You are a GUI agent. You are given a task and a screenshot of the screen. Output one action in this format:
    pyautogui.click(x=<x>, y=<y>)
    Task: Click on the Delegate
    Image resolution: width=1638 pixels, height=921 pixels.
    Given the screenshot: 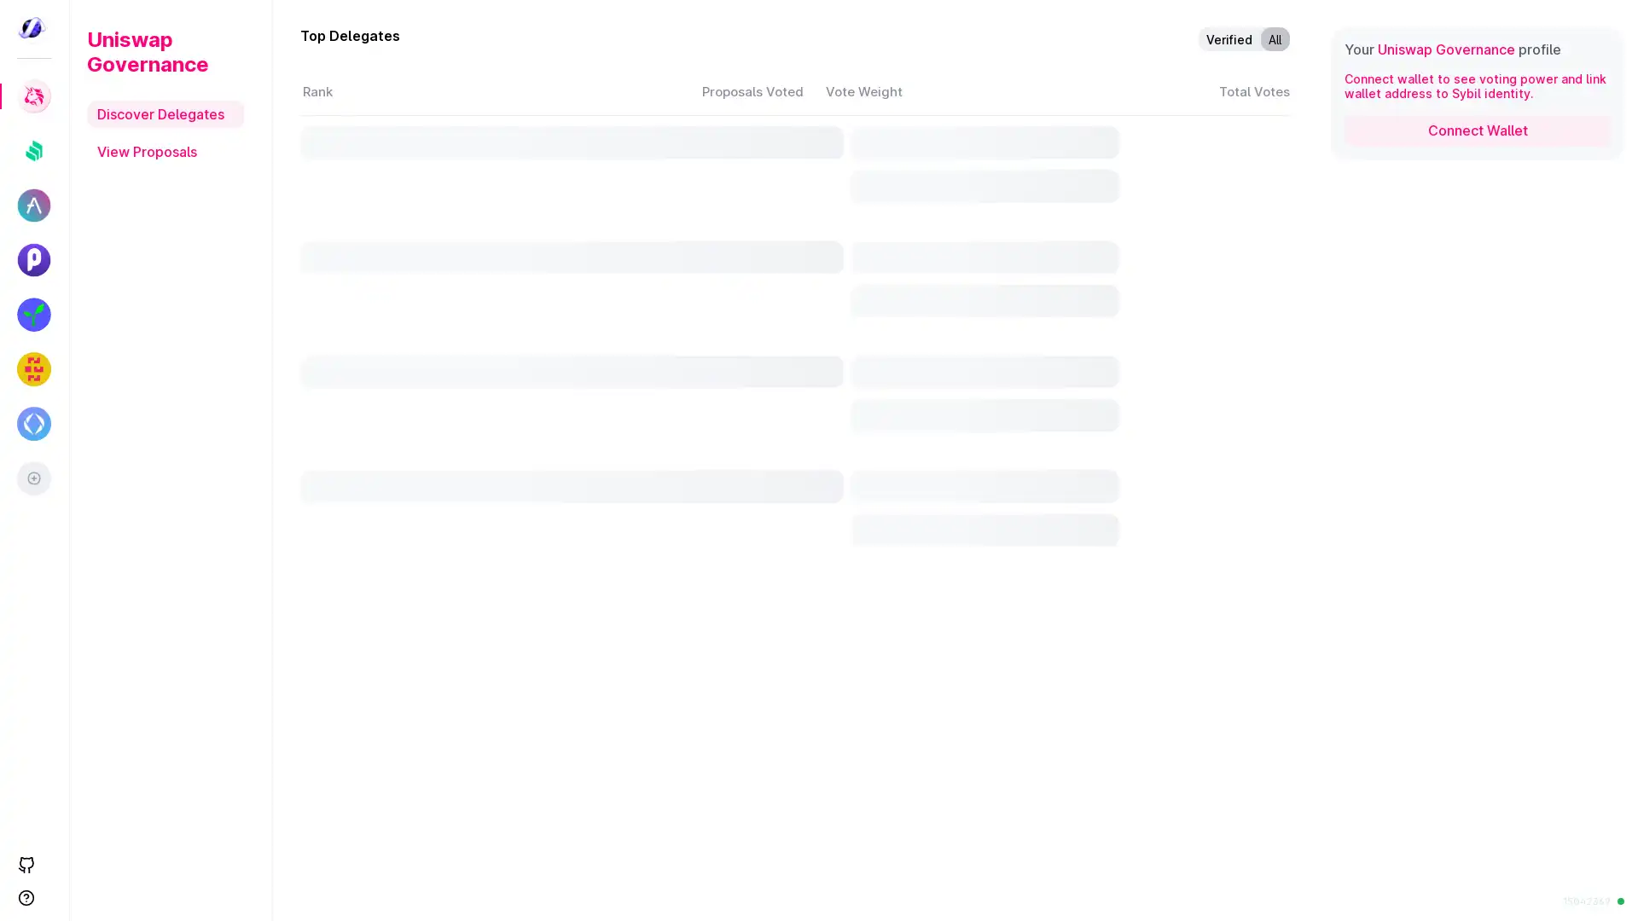 What is the action you would take?
    pyautogui.click(x=1131, y=217)
    